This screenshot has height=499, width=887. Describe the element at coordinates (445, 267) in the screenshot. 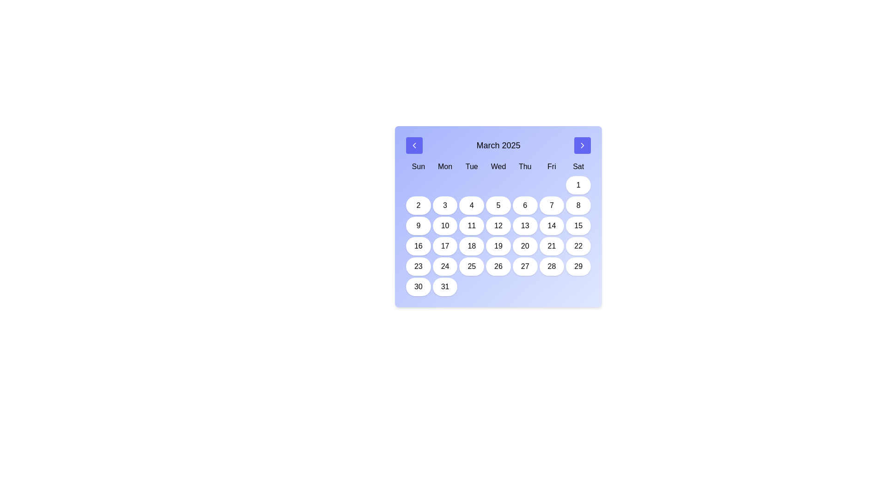

I see `the 24th date button` at that location.